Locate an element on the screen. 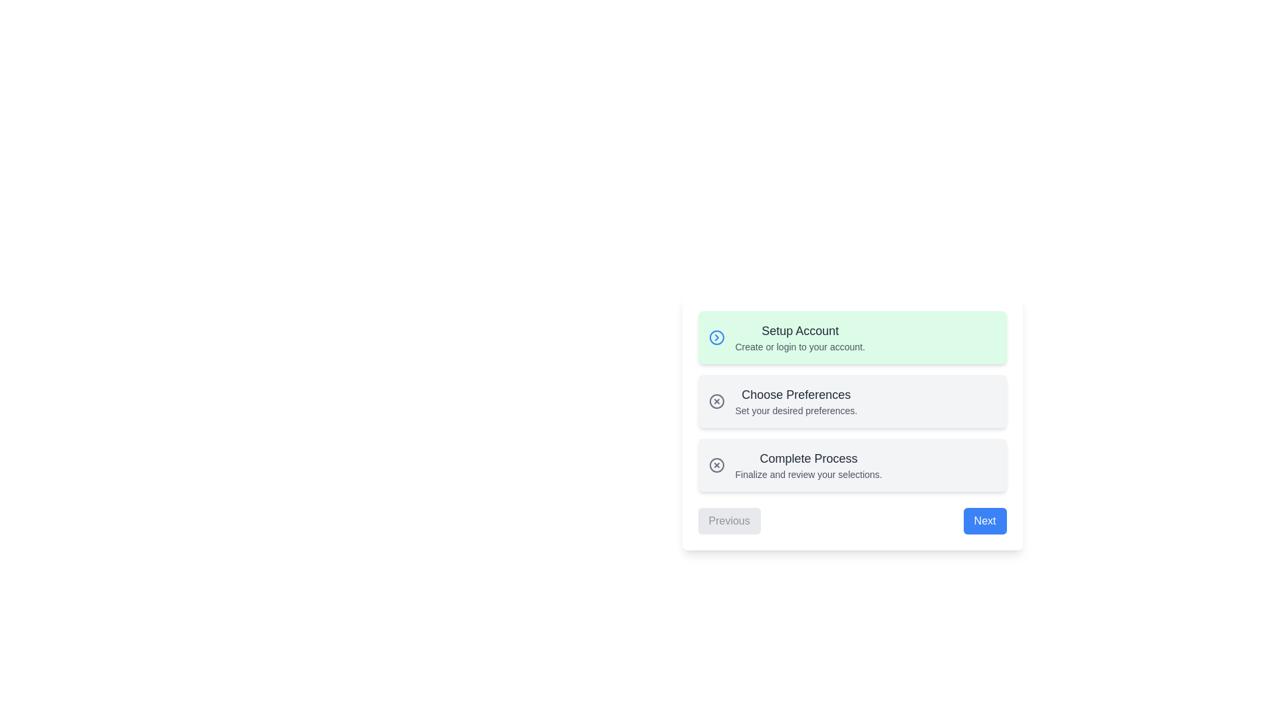 This screenshot has width=1277, height=718. the instructional text label located below 'Choose Preferences' in the vertical sequence of steps is located at coordinates (796, 410).